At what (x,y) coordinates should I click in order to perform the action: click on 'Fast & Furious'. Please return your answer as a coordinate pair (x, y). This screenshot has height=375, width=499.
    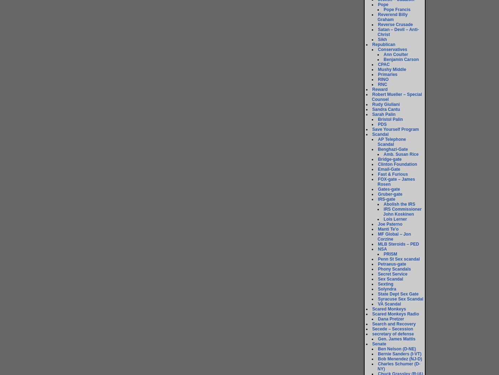
    Looking at the image, I should click on (392, 174).